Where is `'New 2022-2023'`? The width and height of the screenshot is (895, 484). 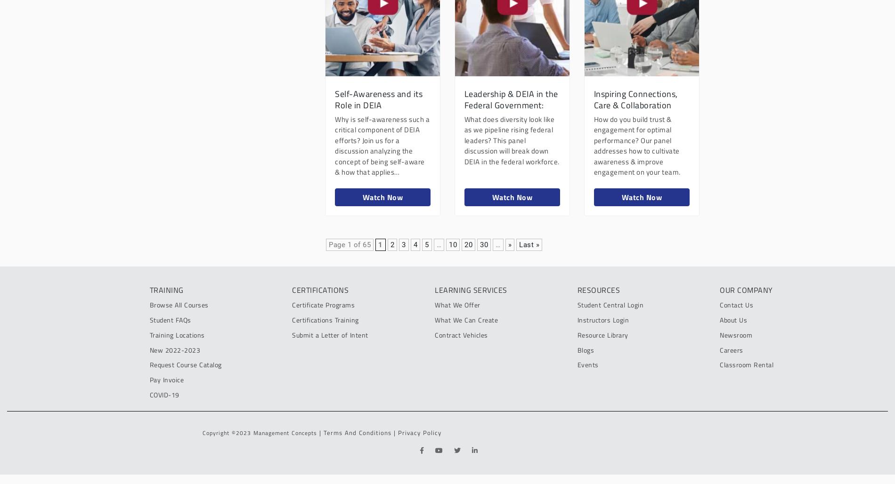 'New 2022-2023' is located at coordinates (174, 349).